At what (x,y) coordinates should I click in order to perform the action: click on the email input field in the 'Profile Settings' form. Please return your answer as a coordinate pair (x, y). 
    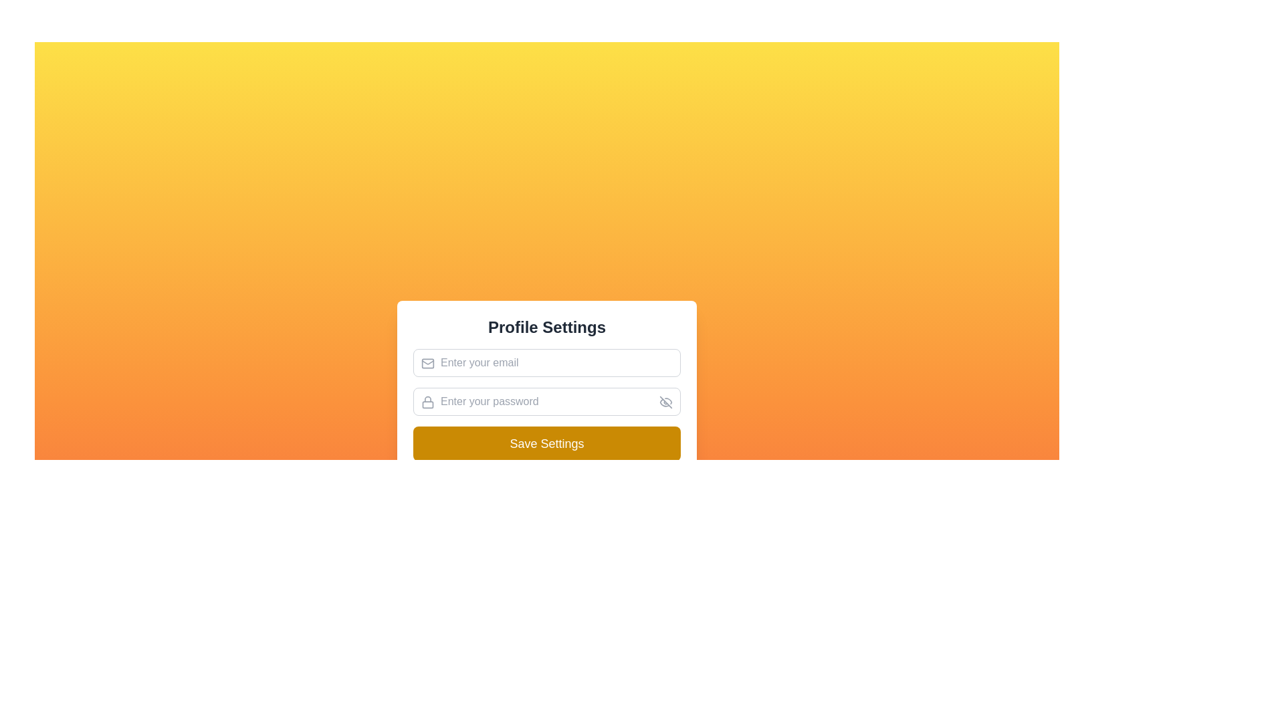
    Looking at the image, I should click on (546, 363).